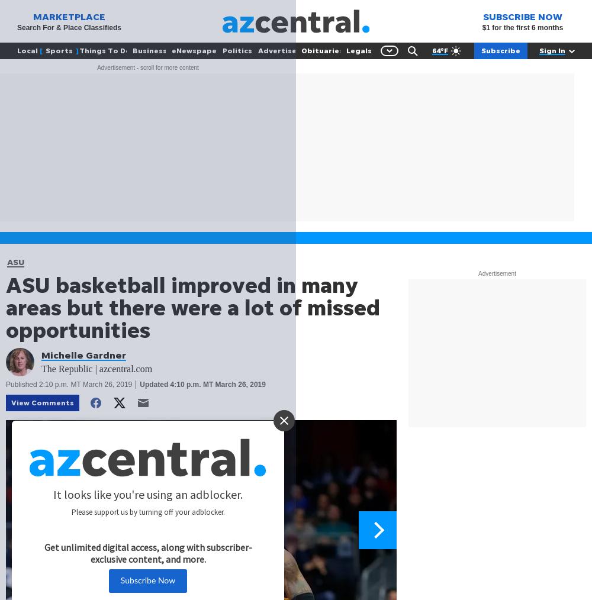 This screenshot has height=600, width=592. Describe the element at coordinates (27, 50) in the screenshot. I see `'Local'` at that location.